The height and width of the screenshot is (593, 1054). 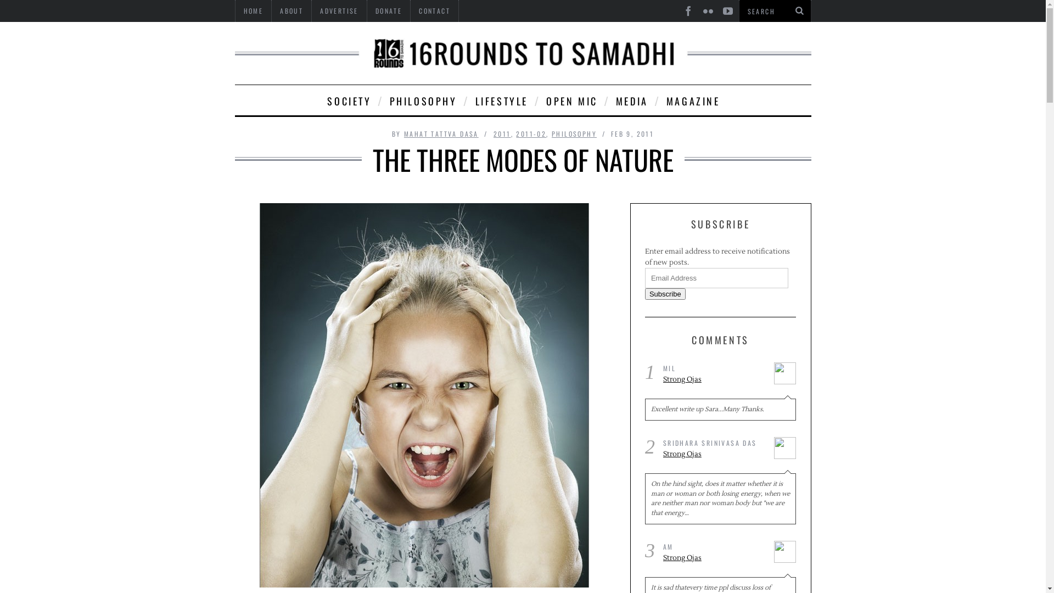 I want to click on 'MAGAZINE', so click(x=692, y=100).